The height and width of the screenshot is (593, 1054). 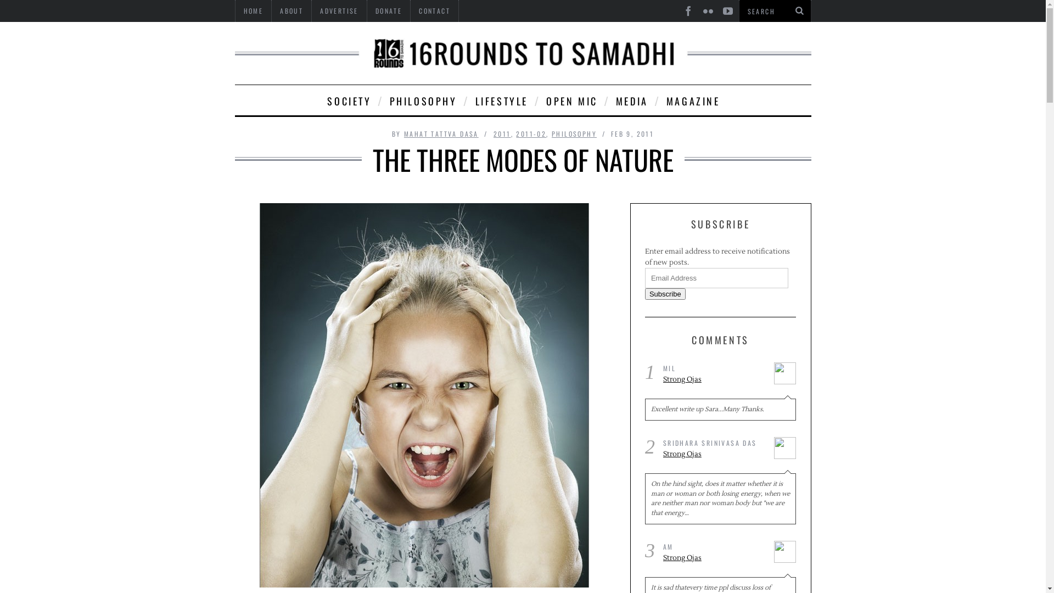 I want to click on 'MAGAZINE', so click(x=692, y=100).